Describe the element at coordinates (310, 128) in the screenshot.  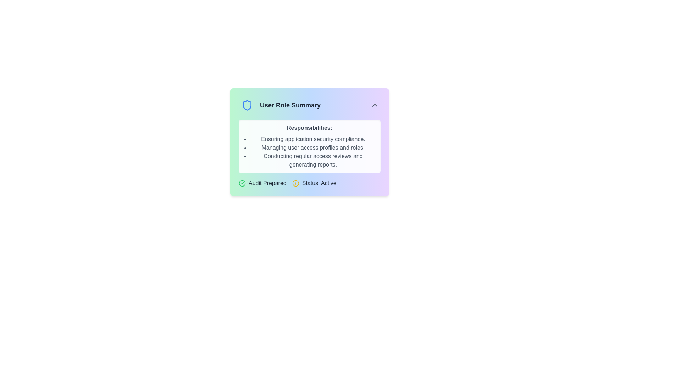
I see `the text label that displays 'Responsibilities:' in bold gray font, located at the top center of the panel introducing a list of job responsibilities` at that location.